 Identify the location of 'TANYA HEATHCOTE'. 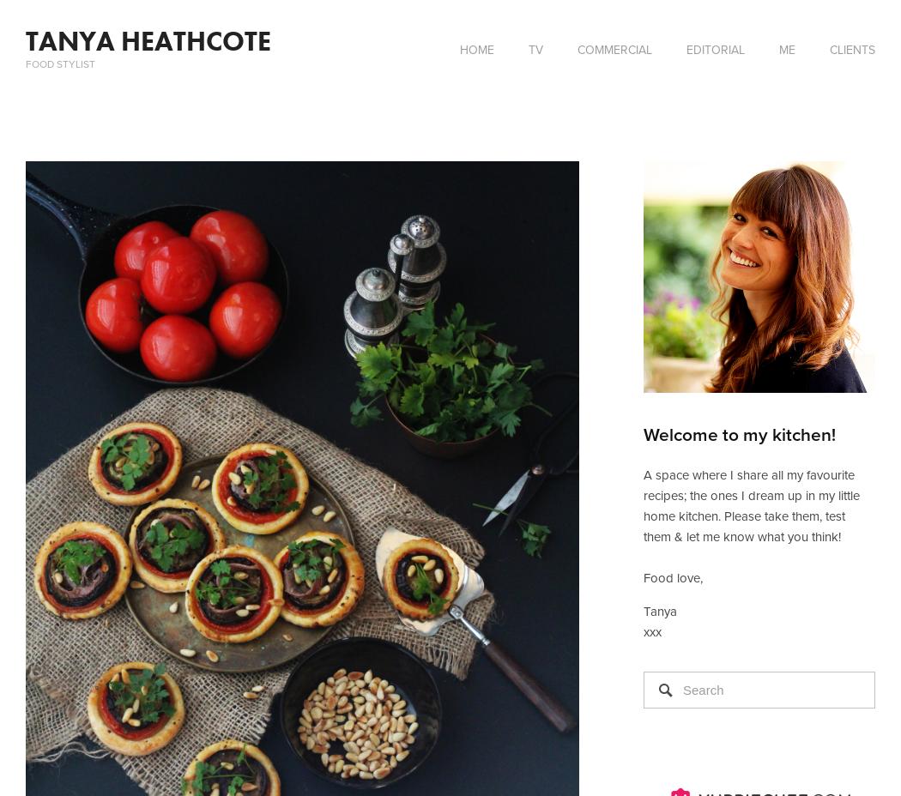
(148, 40).